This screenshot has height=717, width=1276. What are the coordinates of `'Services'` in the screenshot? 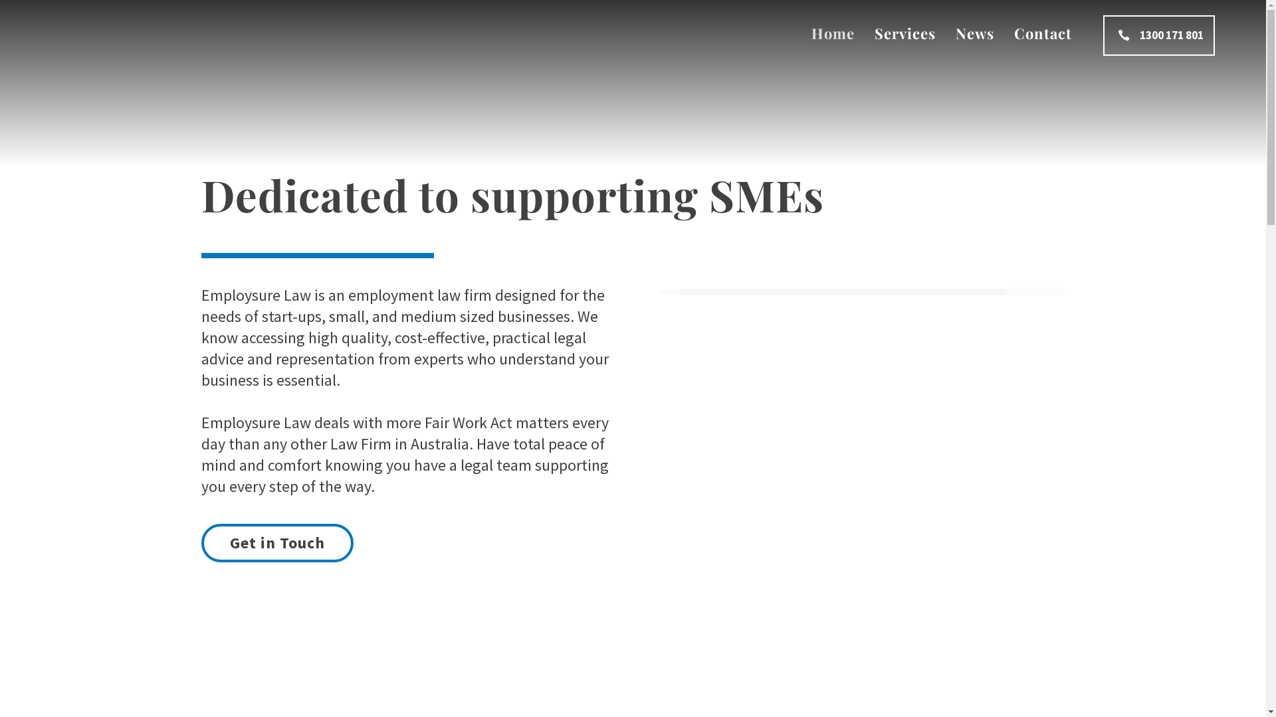 It's located at (864, 33).